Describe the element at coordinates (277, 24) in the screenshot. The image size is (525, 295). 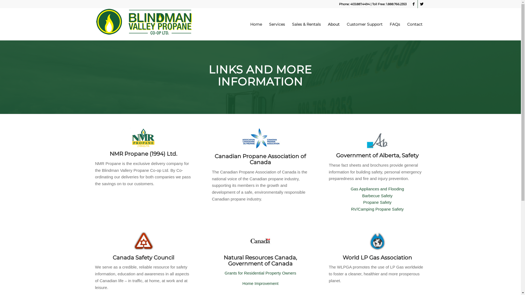
I see `'Services'` at that location.